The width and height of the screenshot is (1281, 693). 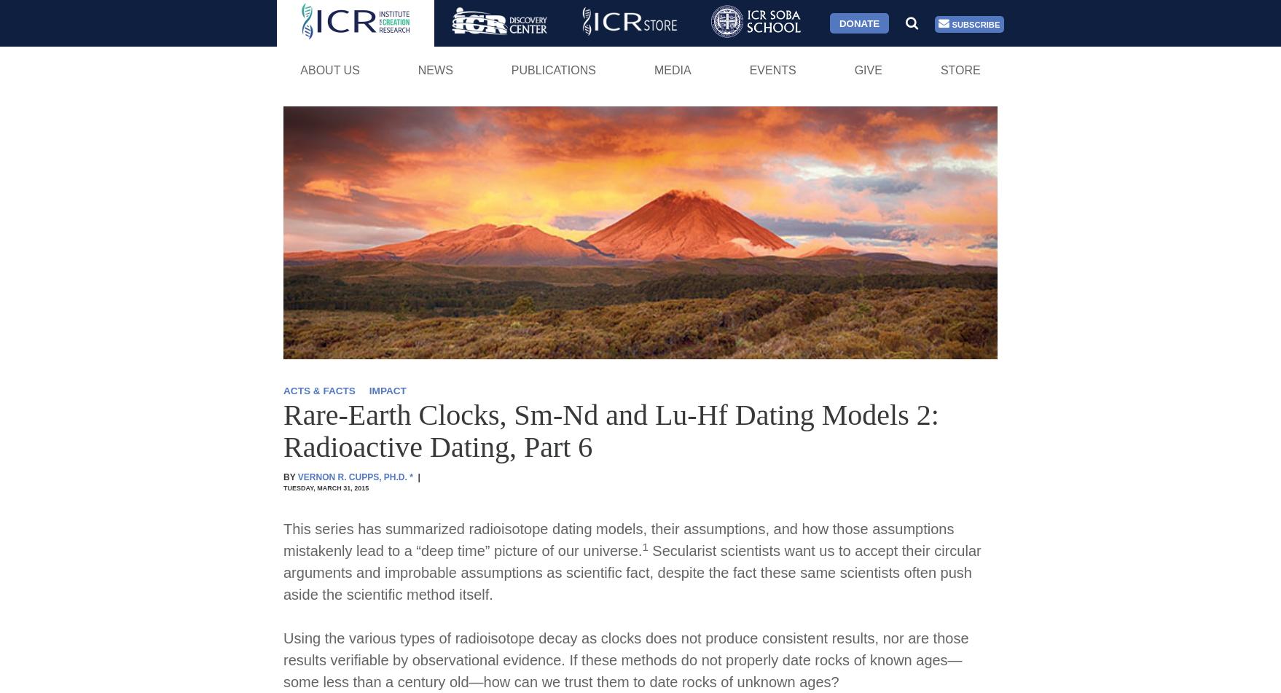 What do you see at coordinates (858, 23) in the screenshot?
I see `'Donate'` at bounding box center [858, 23].